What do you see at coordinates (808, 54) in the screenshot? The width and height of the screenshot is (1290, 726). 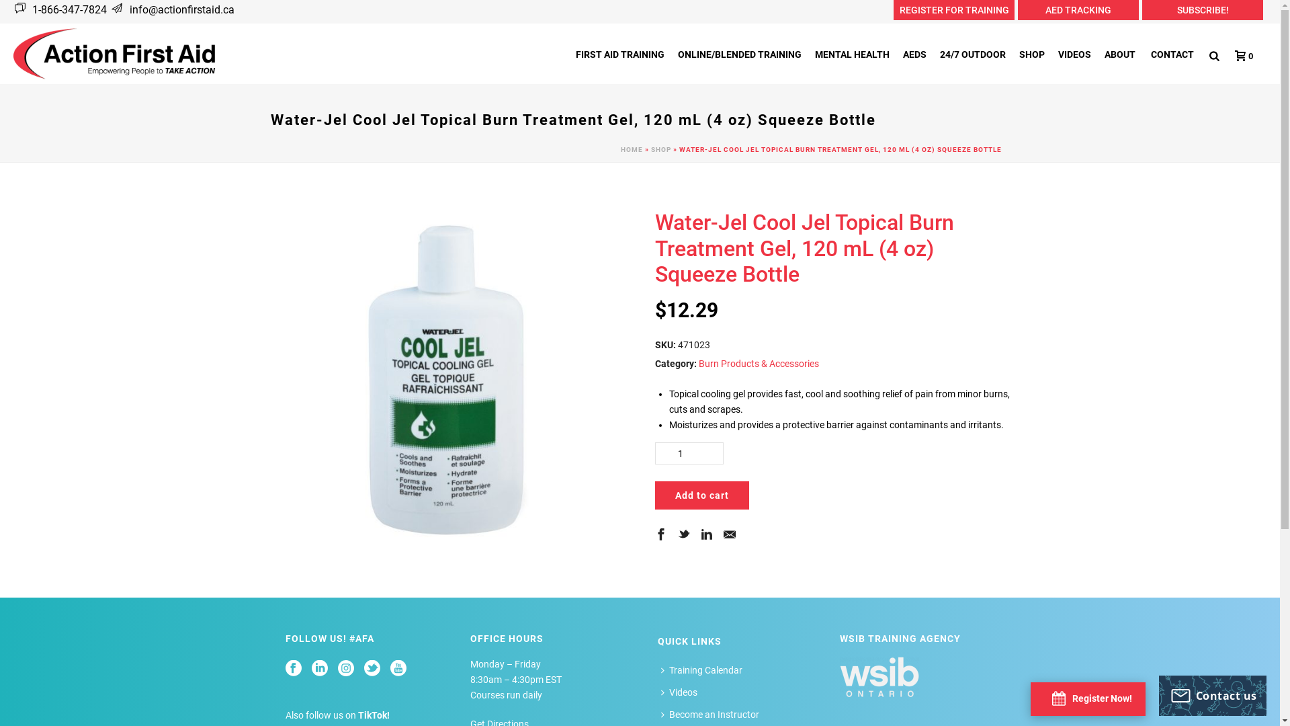 I see `'MENTAL HEALTH'` at bounding box center [808, 54].